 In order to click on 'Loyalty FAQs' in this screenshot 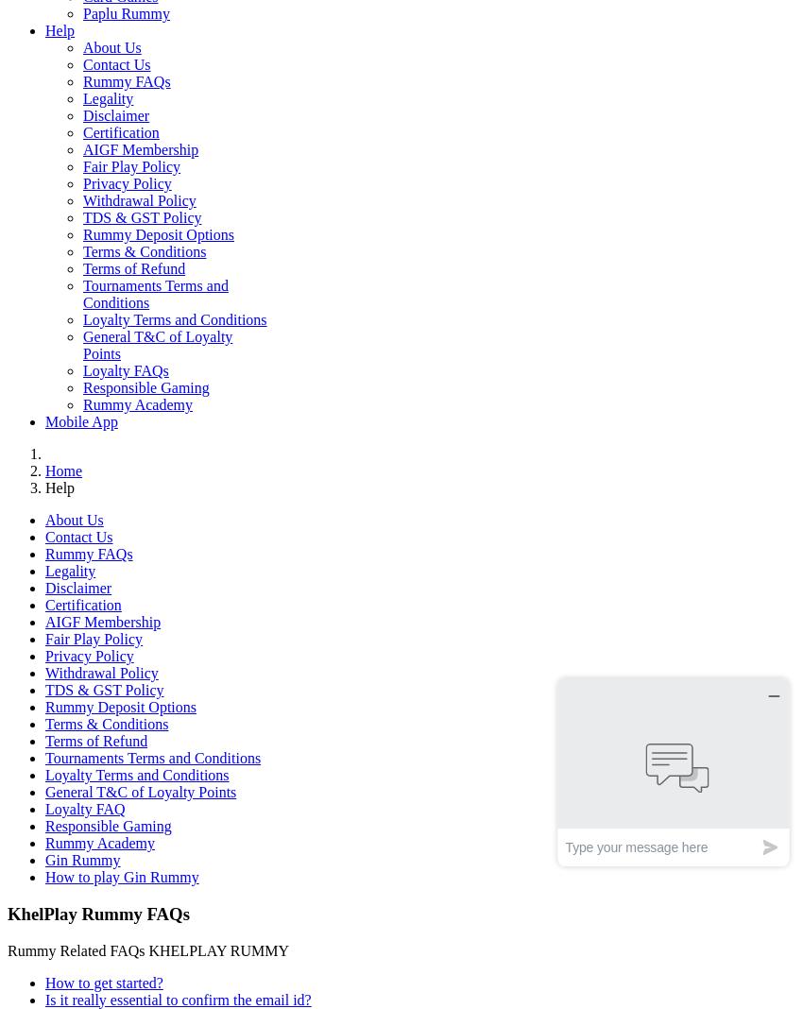, I will do `click(126, 369)`.